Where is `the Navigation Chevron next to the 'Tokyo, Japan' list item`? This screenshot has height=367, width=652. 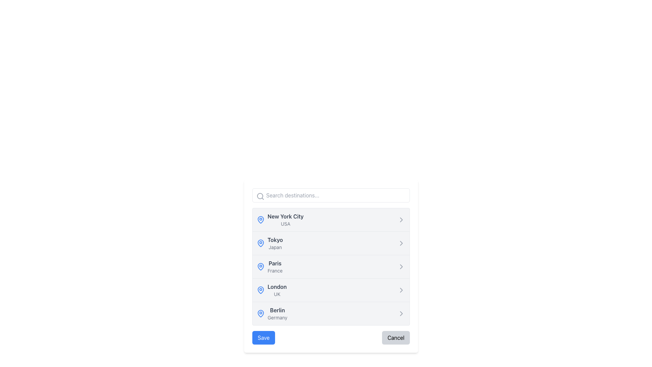 the Navigation Chevron next to the 'Tokyo, Japan' list item is located at coordinates (401, 243).